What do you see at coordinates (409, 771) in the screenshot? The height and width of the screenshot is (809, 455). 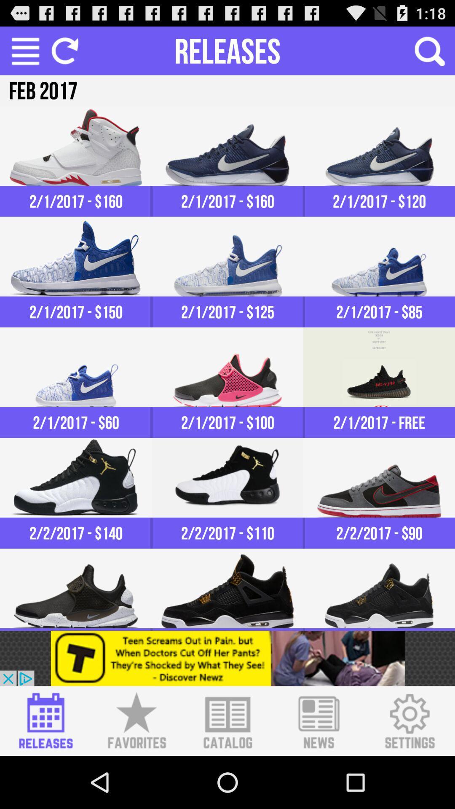 I see `the settings icon` at bounding box center [409, 771].